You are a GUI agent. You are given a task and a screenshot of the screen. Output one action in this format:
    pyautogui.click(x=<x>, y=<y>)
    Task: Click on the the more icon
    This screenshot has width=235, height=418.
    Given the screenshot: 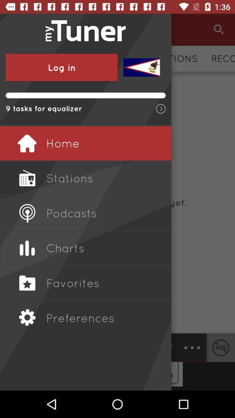 What is the action you would take?
    pyautogui.click(x=192, y=347)
    